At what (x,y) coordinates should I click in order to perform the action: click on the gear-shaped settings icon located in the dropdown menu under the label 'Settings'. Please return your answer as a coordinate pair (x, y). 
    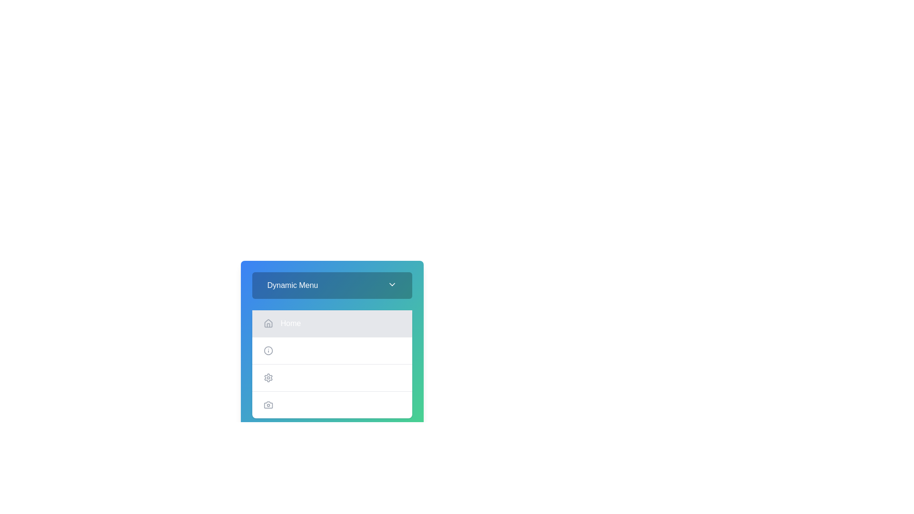
    Looking at the image, I should click on (268, 377).